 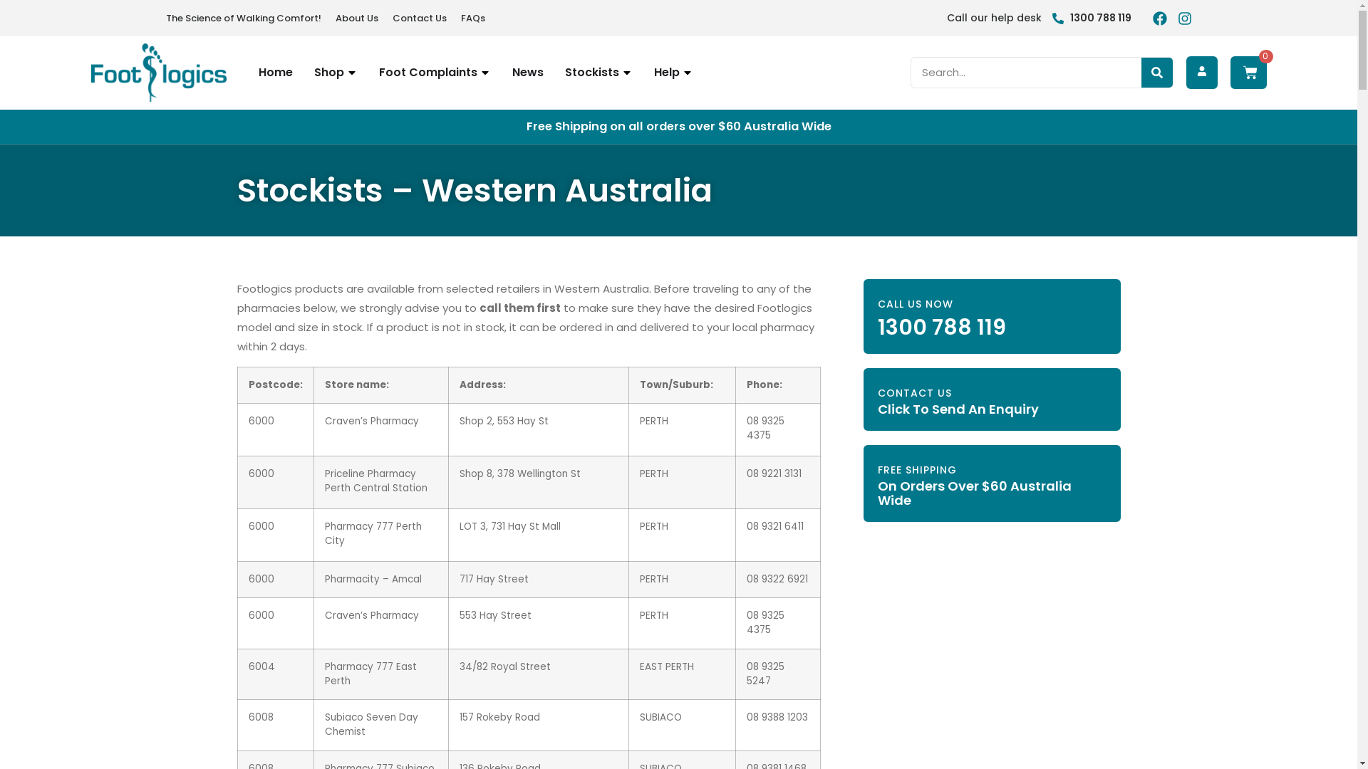 I want to click on '1300 788 119', so click(x=941, y=327).